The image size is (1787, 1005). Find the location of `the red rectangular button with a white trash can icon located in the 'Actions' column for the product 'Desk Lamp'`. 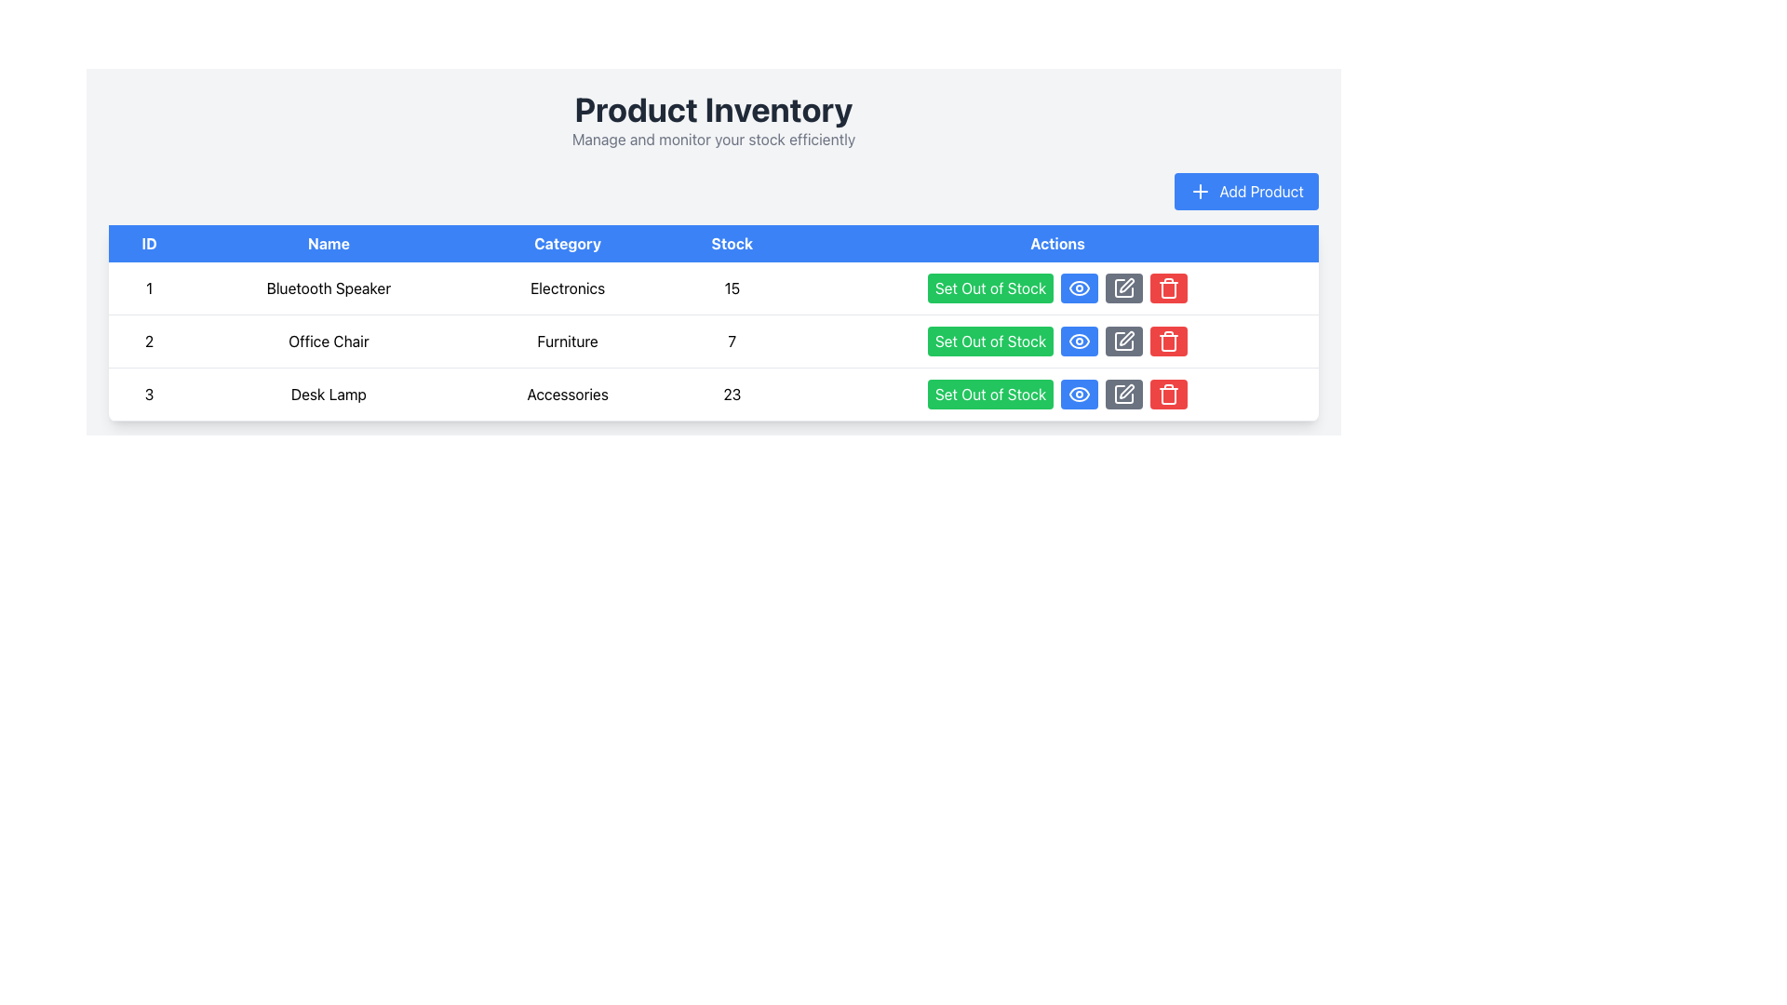

the red rectangular button with a white trash can icon located in the 'Actions' column for the product 'Desk Lamp' is located at coordinates (1168, 341).